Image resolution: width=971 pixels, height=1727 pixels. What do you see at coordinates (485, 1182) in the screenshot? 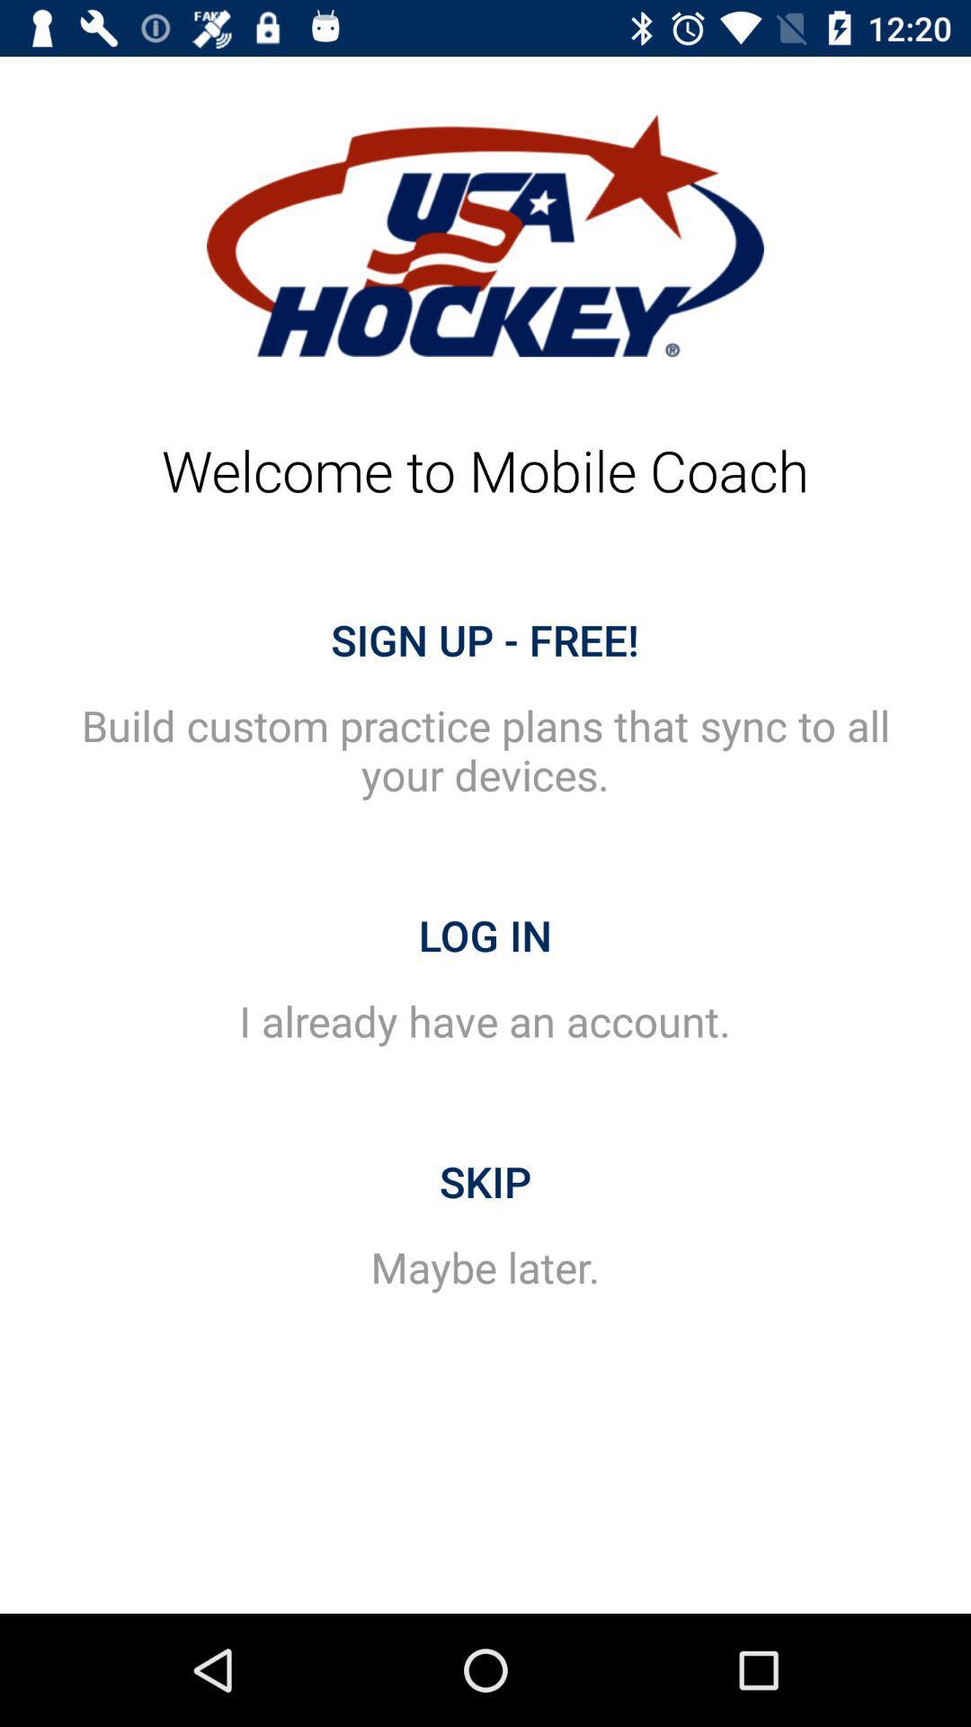
I see `the item above maybe later. item` at bounding box center [485, 1182].